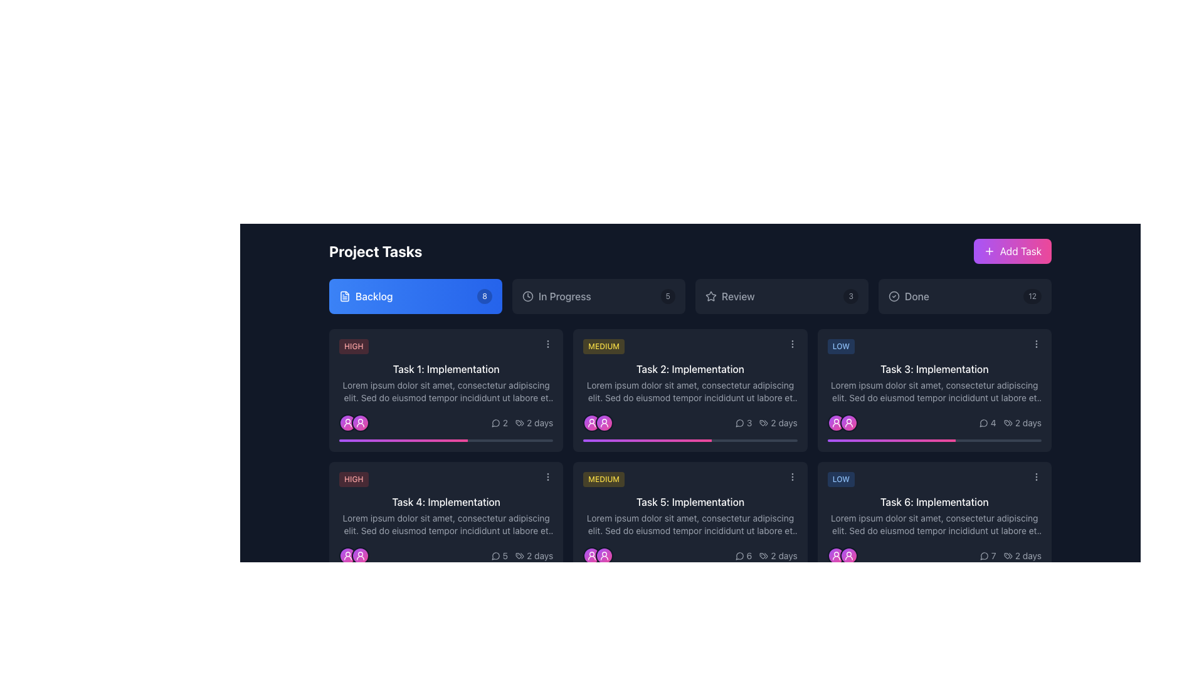 The image size is (1204, 677). Describe the element at coordinates (743, 555) in the screenshot. I see `the icon with a numeric label indicating the number of comments, located below the content and progress bar in the 'Task 5: Implementation' card` at that location.